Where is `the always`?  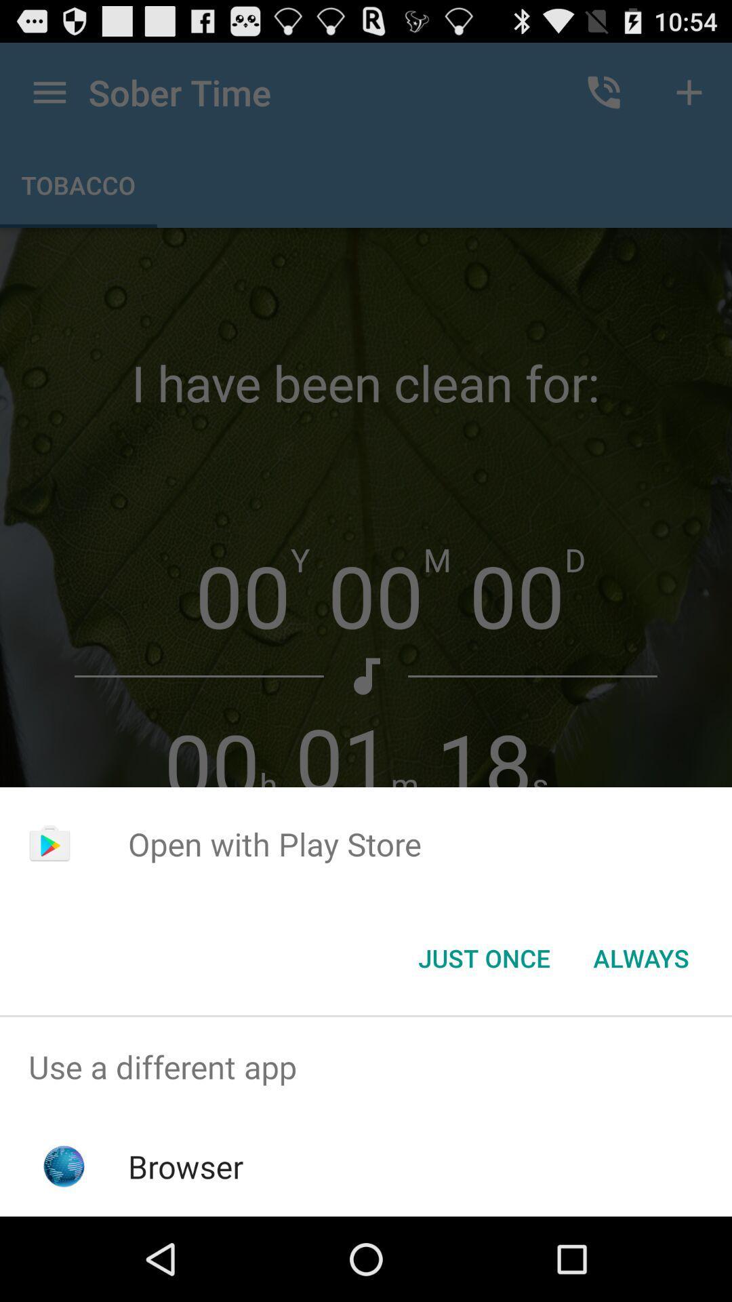
the always is located at coordinates (640, 957).